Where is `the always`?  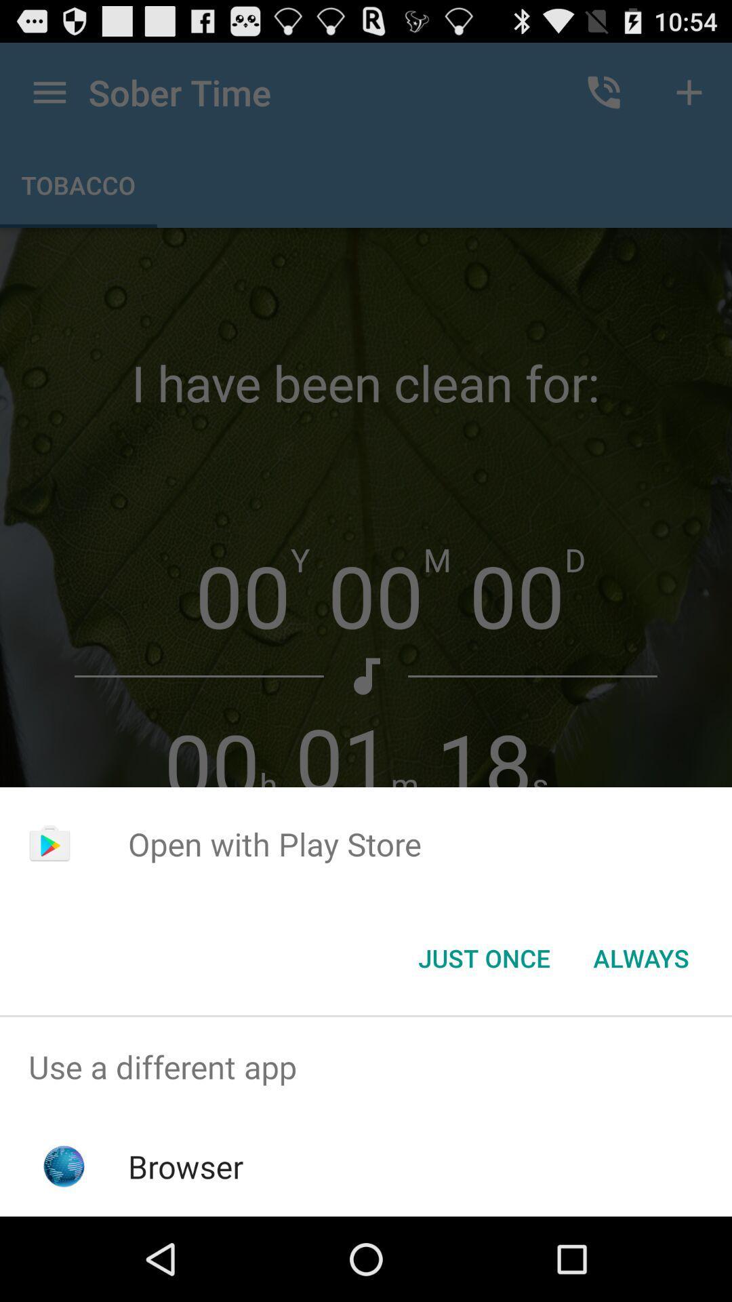
the always is located at coordinates (640, 957).